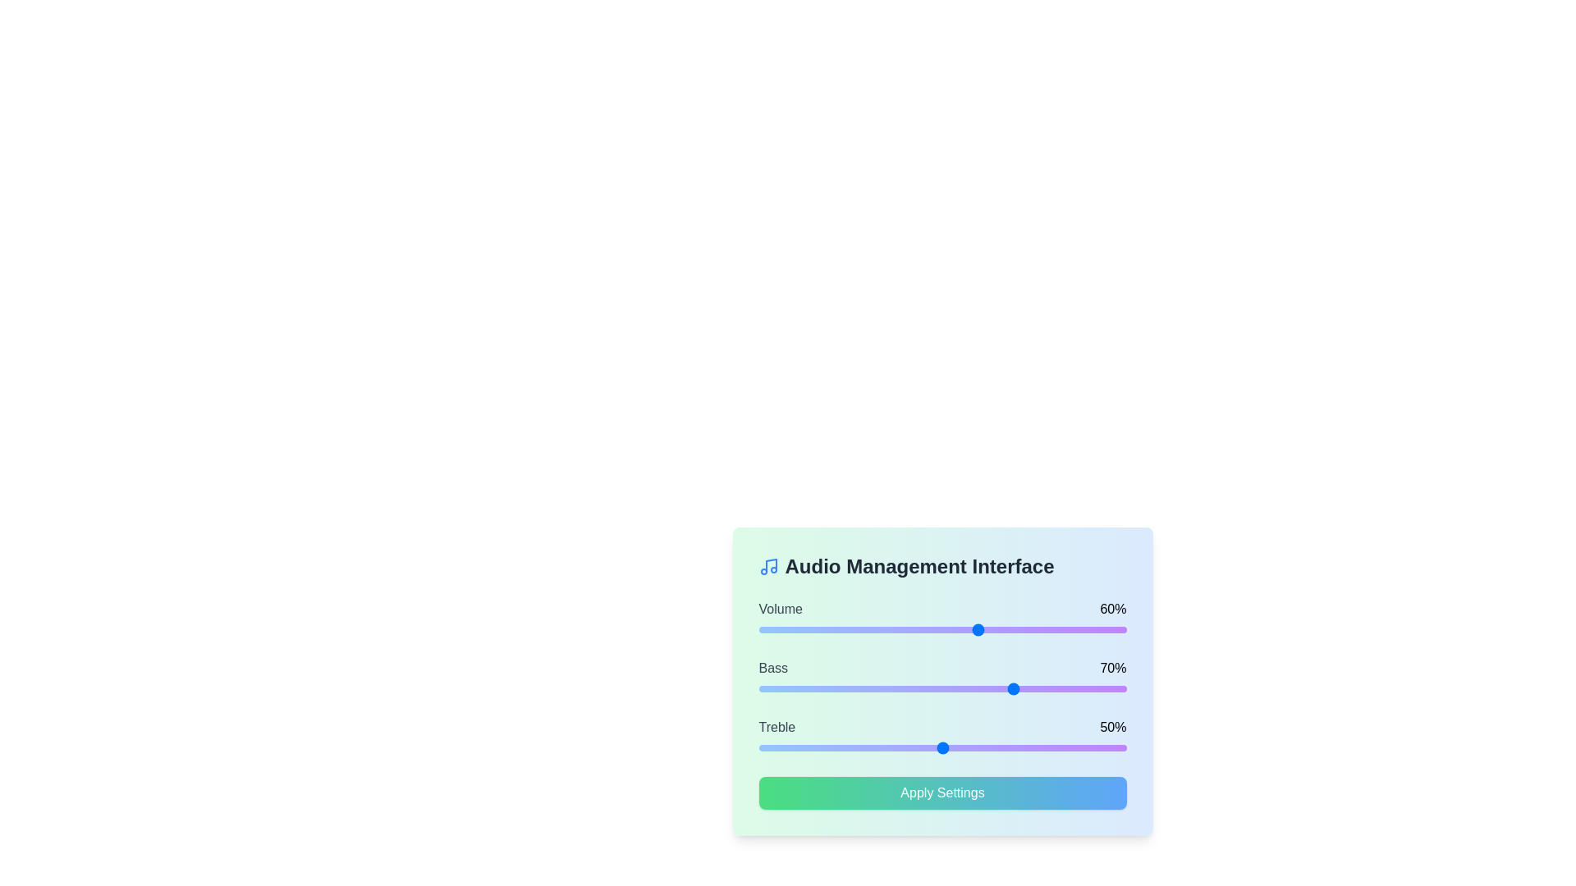 The image size is (1576, 886). What do you see at coordinates (942, 678) in the screenshot?
I see `the slider control for adjusting the bass level, currently set at 70%, located between the Volume and Treble controls` at bounding box center [942, 678].